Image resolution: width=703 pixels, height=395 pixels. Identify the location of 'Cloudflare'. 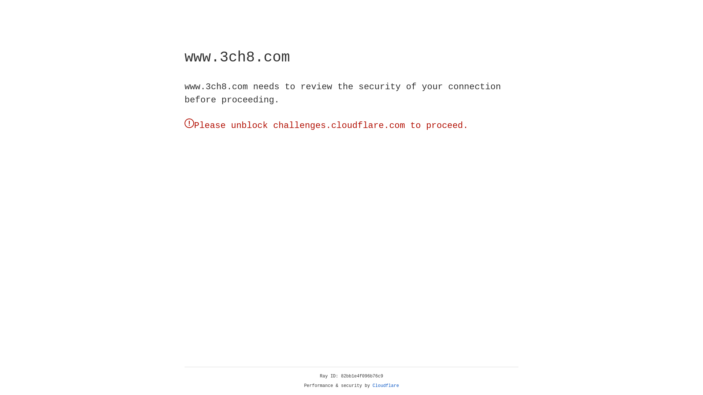
(386, 385).